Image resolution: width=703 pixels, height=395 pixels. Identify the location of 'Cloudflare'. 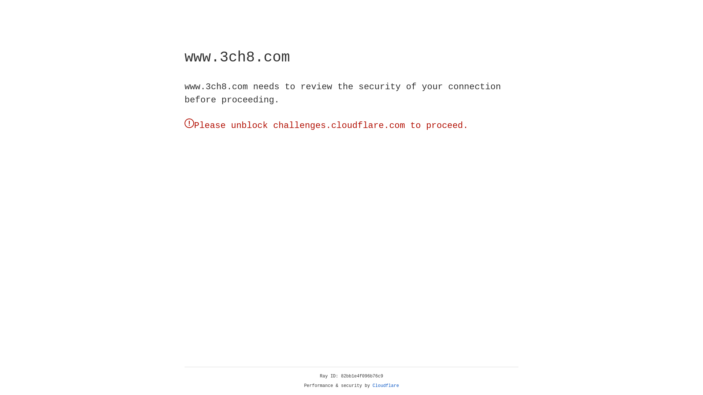
(386, 385).